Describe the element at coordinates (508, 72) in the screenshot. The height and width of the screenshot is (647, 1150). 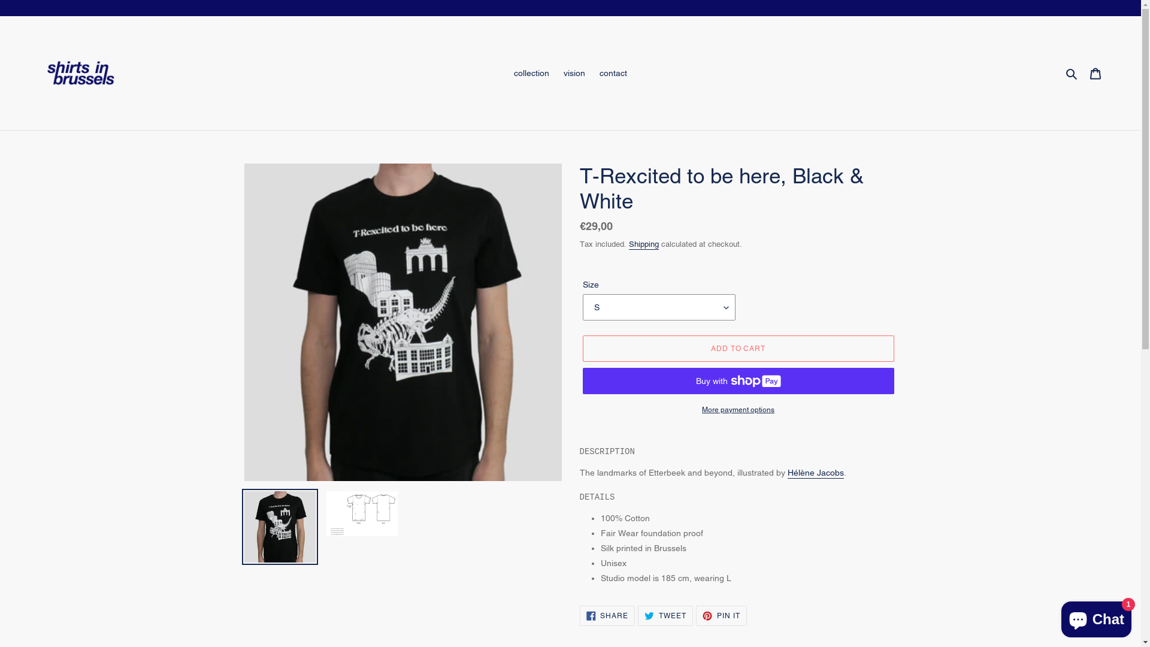
I see `'collection'` at that location.